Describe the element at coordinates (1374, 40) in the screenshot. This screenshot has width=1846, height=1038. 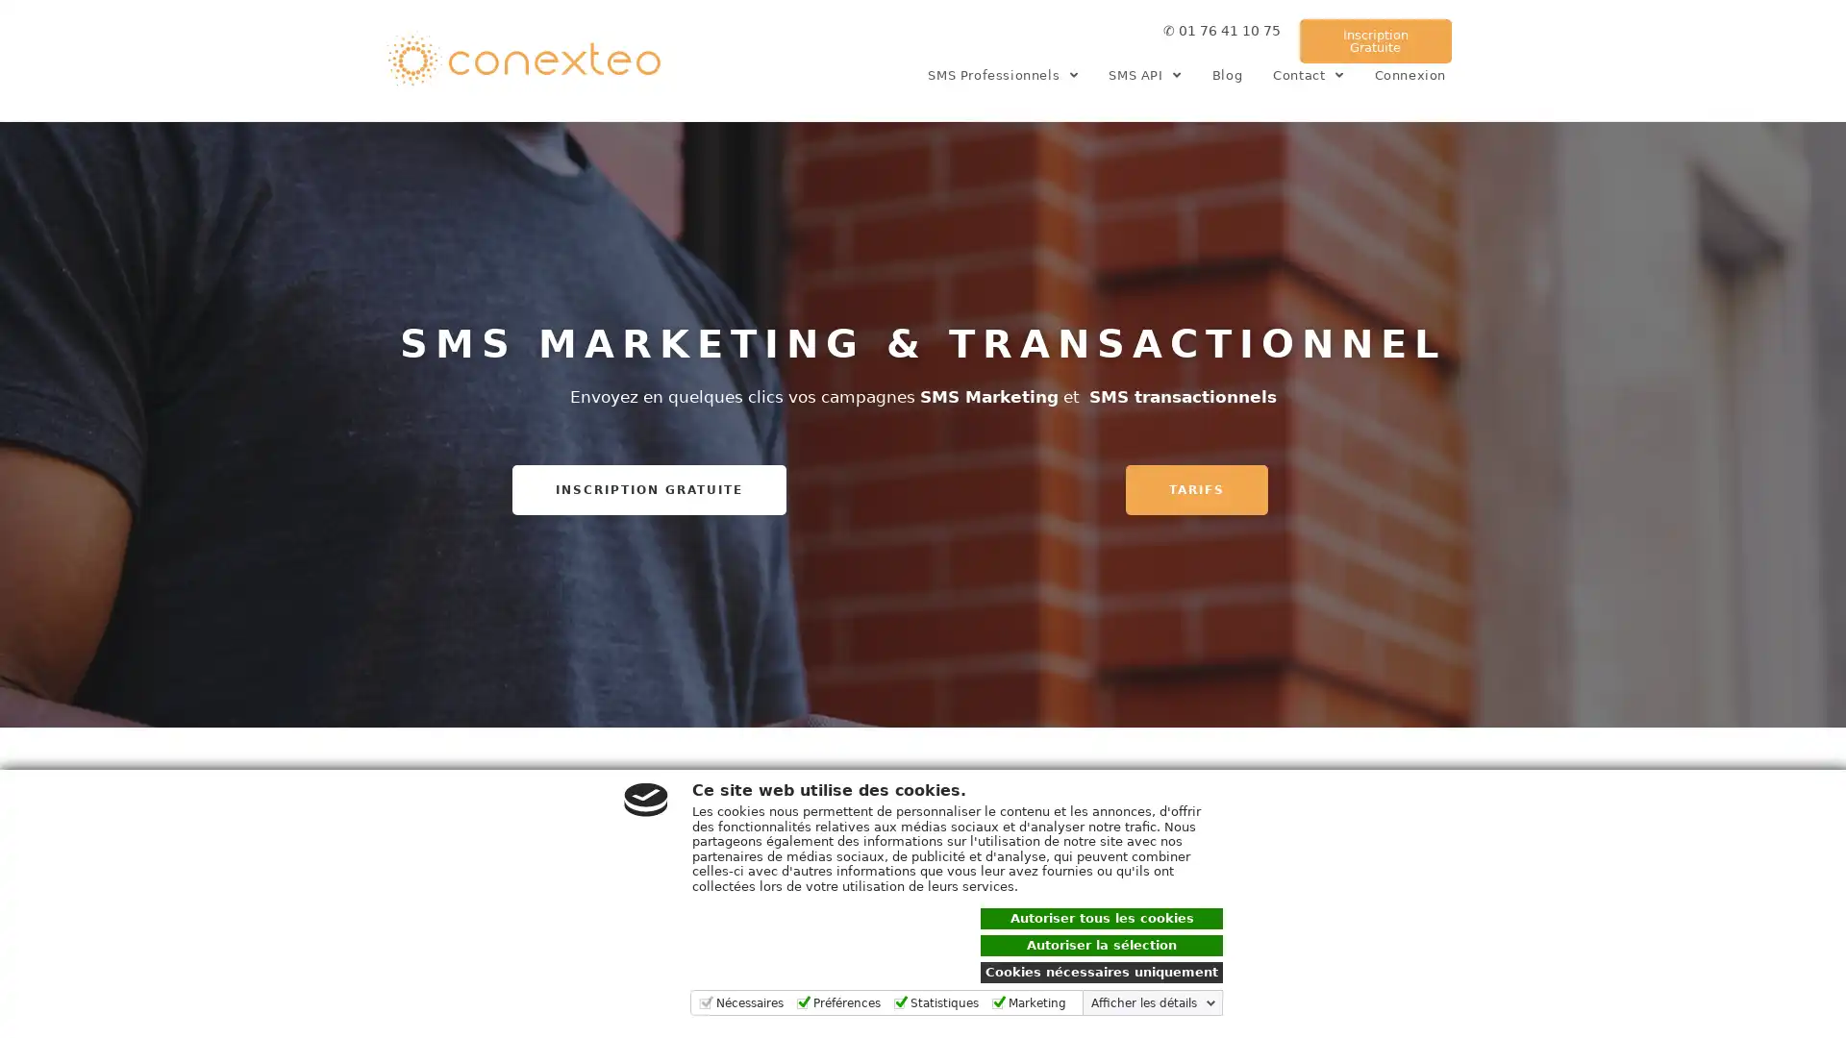
I see `Inscription Gratuite` at that location.